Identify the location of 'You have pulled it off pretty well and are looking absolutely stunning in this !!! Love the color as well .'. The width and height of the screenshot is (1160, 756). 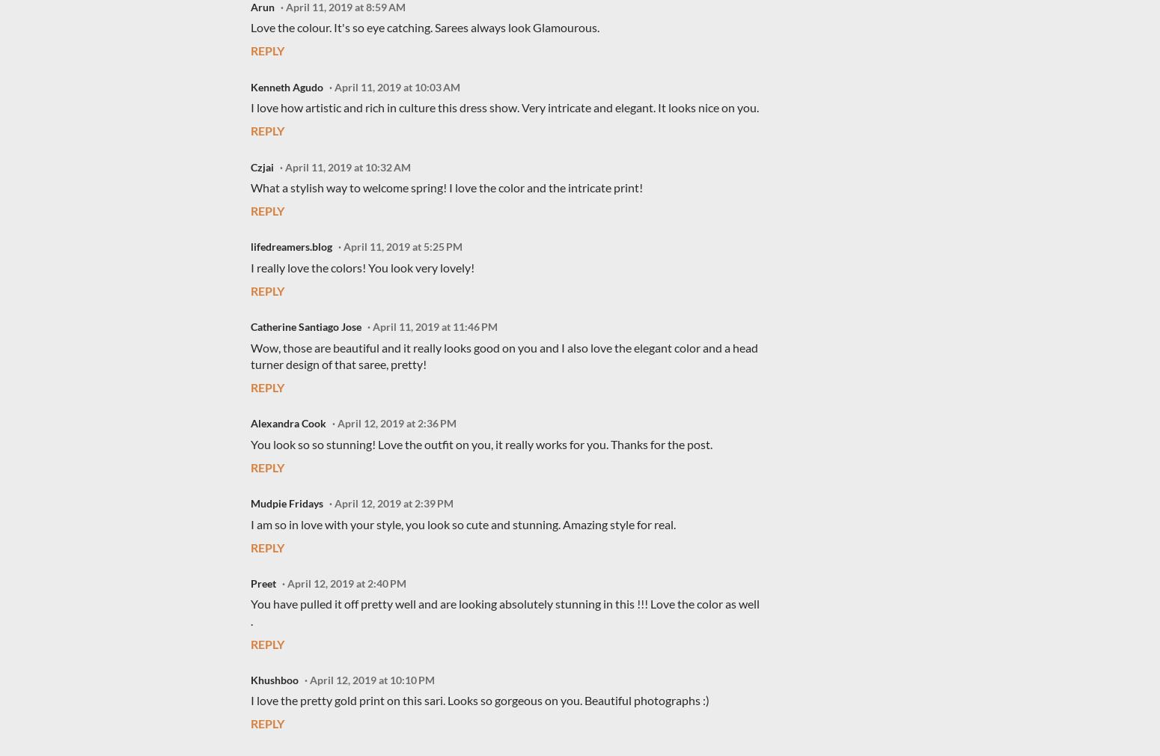
(504, 612).